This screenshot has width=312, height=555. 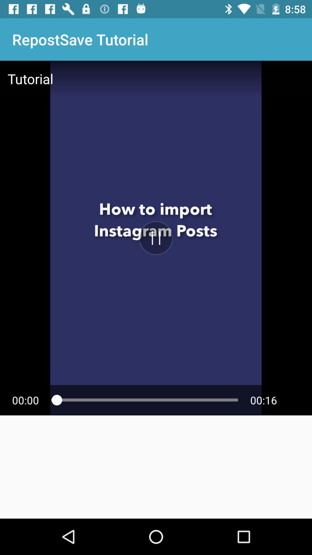 I want to click on play, so click(x=156, y=238).